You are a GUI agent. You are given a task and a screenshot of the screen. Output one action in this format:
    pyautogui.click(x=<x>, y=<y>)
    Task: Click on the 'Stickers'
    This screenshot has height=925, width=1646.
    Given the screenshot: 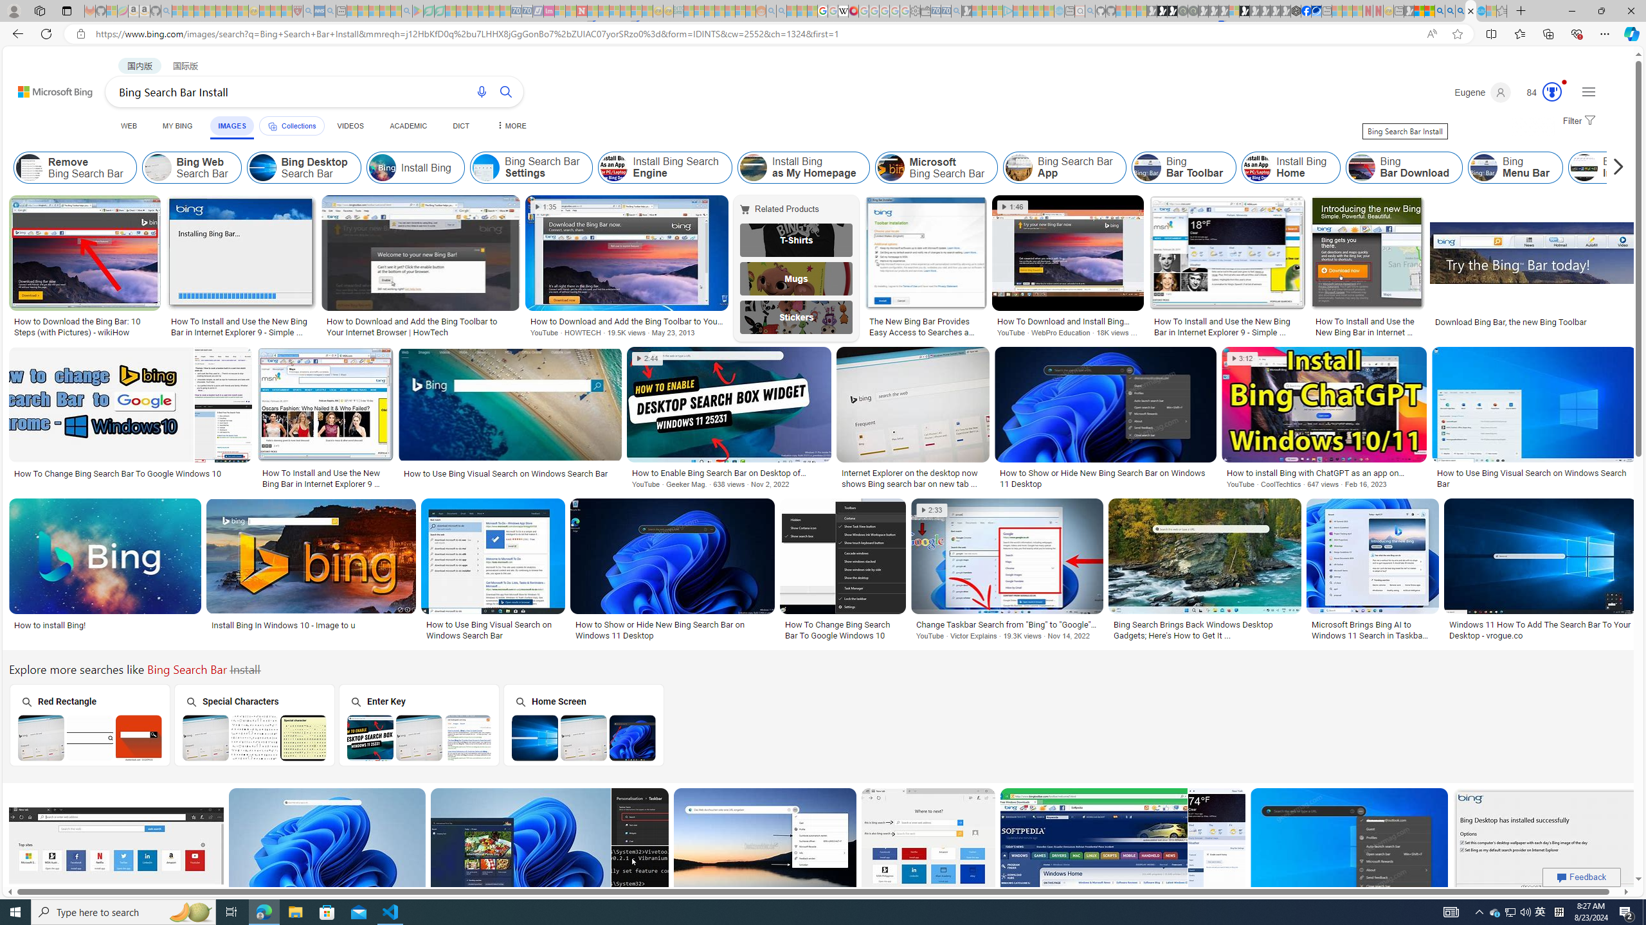 What is the action you would take?
    pyautogui.click(x=797, y=317)
    